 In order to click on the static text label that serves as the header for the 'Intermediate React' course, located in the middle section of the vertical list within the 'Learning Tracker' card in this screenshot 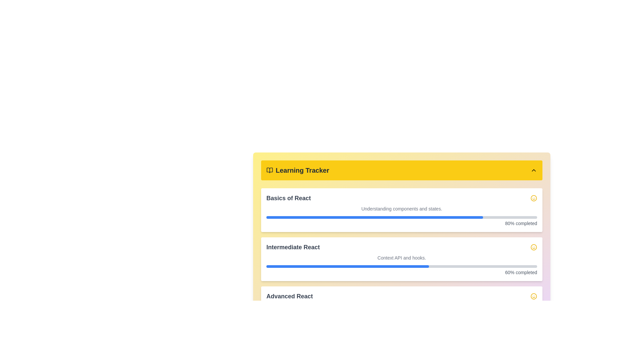, I will do `click(293, 247)`.